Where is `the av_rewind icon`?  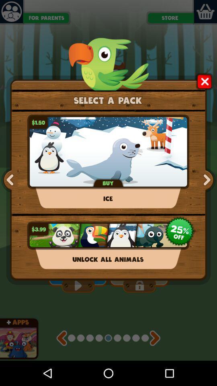 the av_rewind icon is located at coordinates (61, 361).